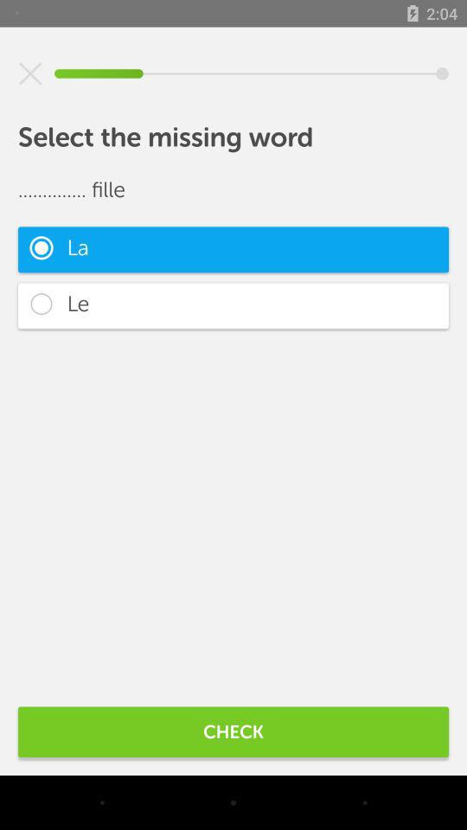 This screenshot has width=467, height=830. I want to click on la, so click(233, 248).